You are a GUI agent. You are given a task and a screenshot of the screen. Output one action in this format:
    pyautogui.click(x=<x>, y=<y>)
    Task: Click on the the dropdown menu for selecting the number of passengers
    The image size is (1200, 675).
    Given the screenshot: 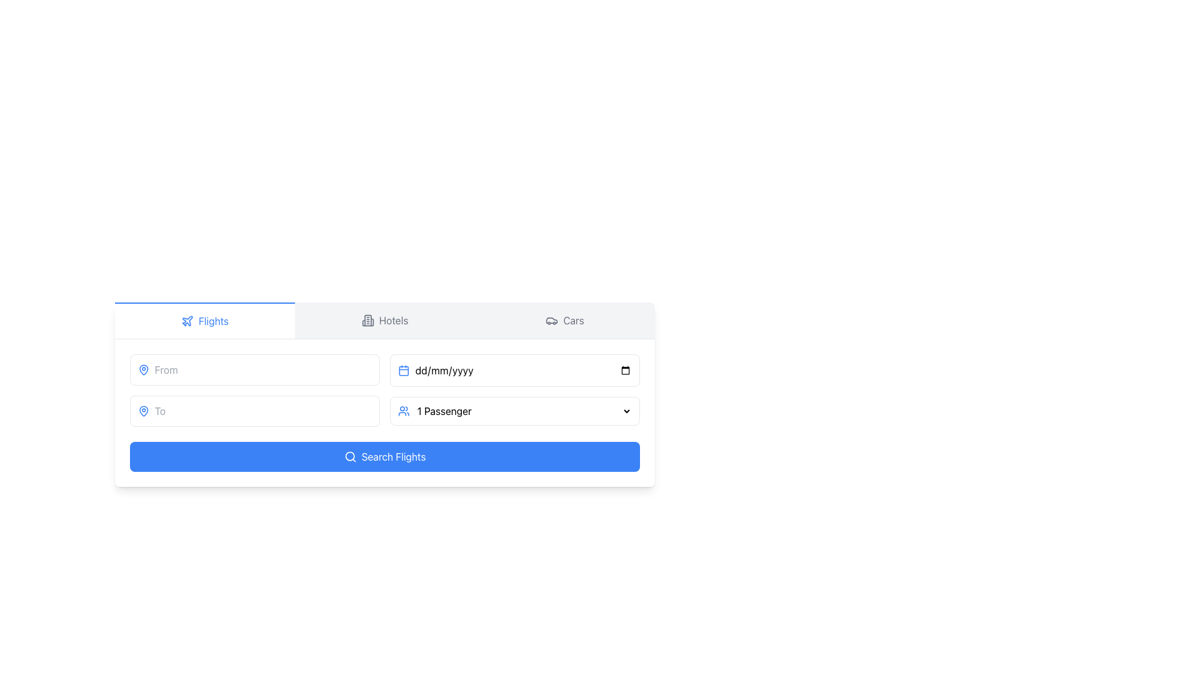 What is the action you would take?
    pyautogui.click(x=523, y=411)
    